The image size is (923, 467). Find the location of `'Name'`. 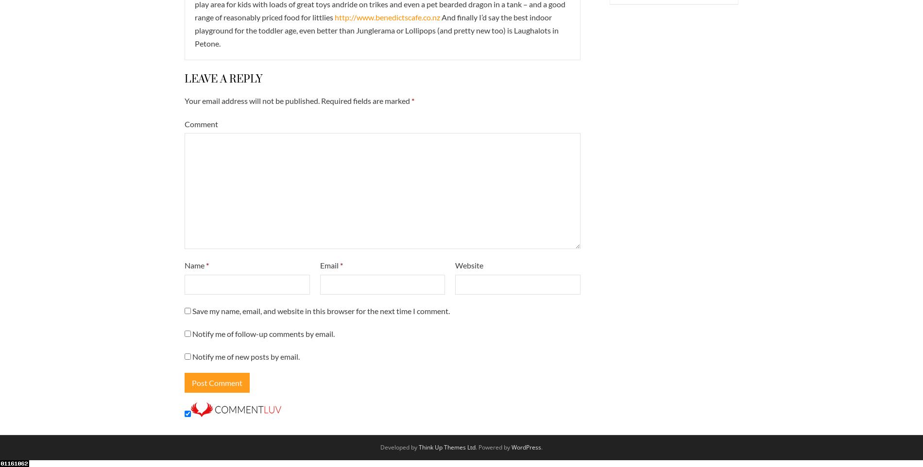

'Name' is located at coordinates (195, 265).